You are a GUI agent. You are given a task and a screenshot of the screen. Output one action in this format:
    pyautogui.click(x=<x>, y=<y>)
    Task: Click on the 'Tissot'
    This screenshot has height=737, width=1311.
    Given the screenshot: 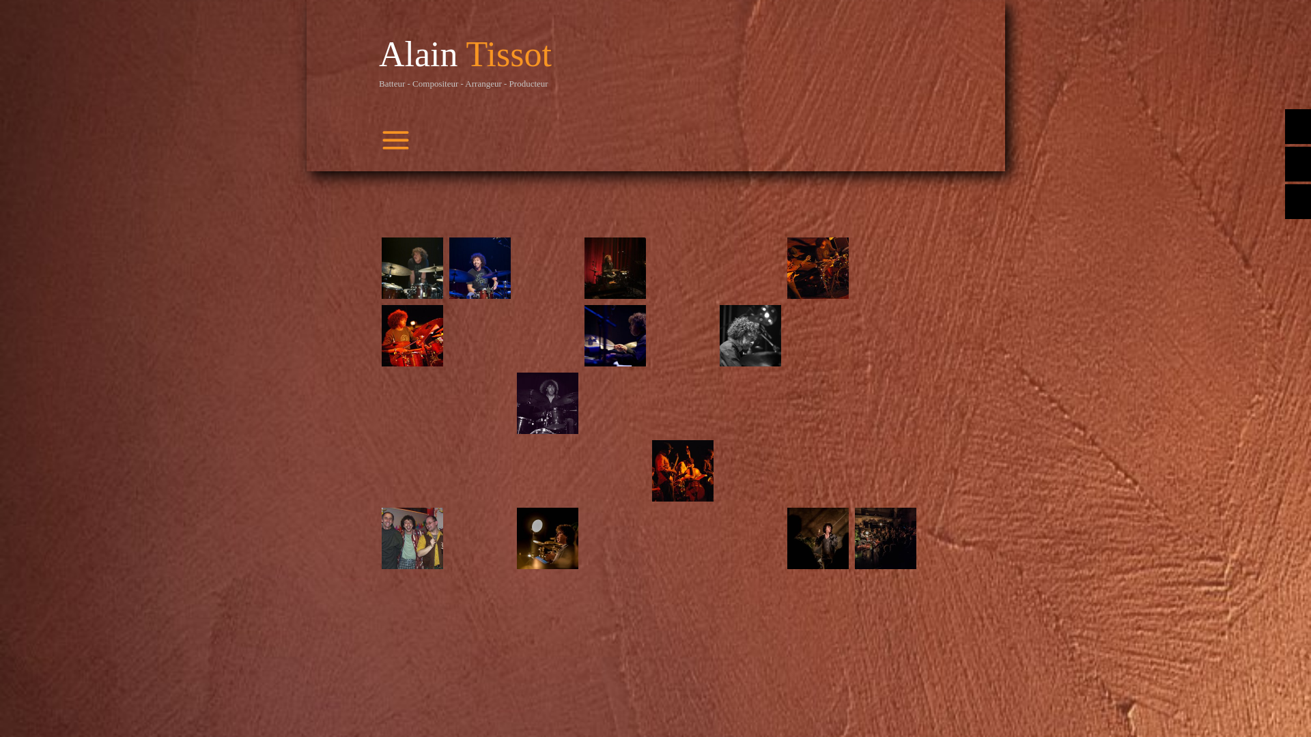 What is the action you would take?
    pyautogui.click(x=508, y=53)
    